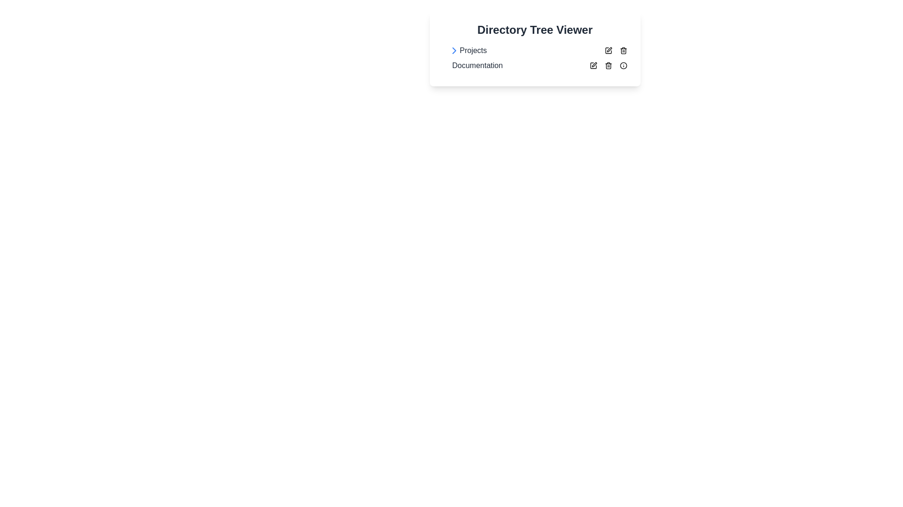 The image size is (903, 507). I want to click on the third icon from the right in the toolbar, so click(608, 65).